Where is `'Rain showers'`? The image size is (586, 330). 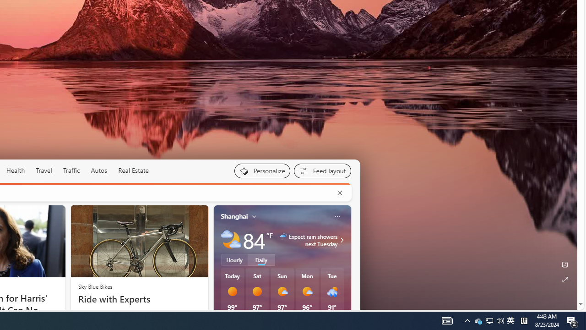 'Rain showers' is located at coordinates (331, 291).